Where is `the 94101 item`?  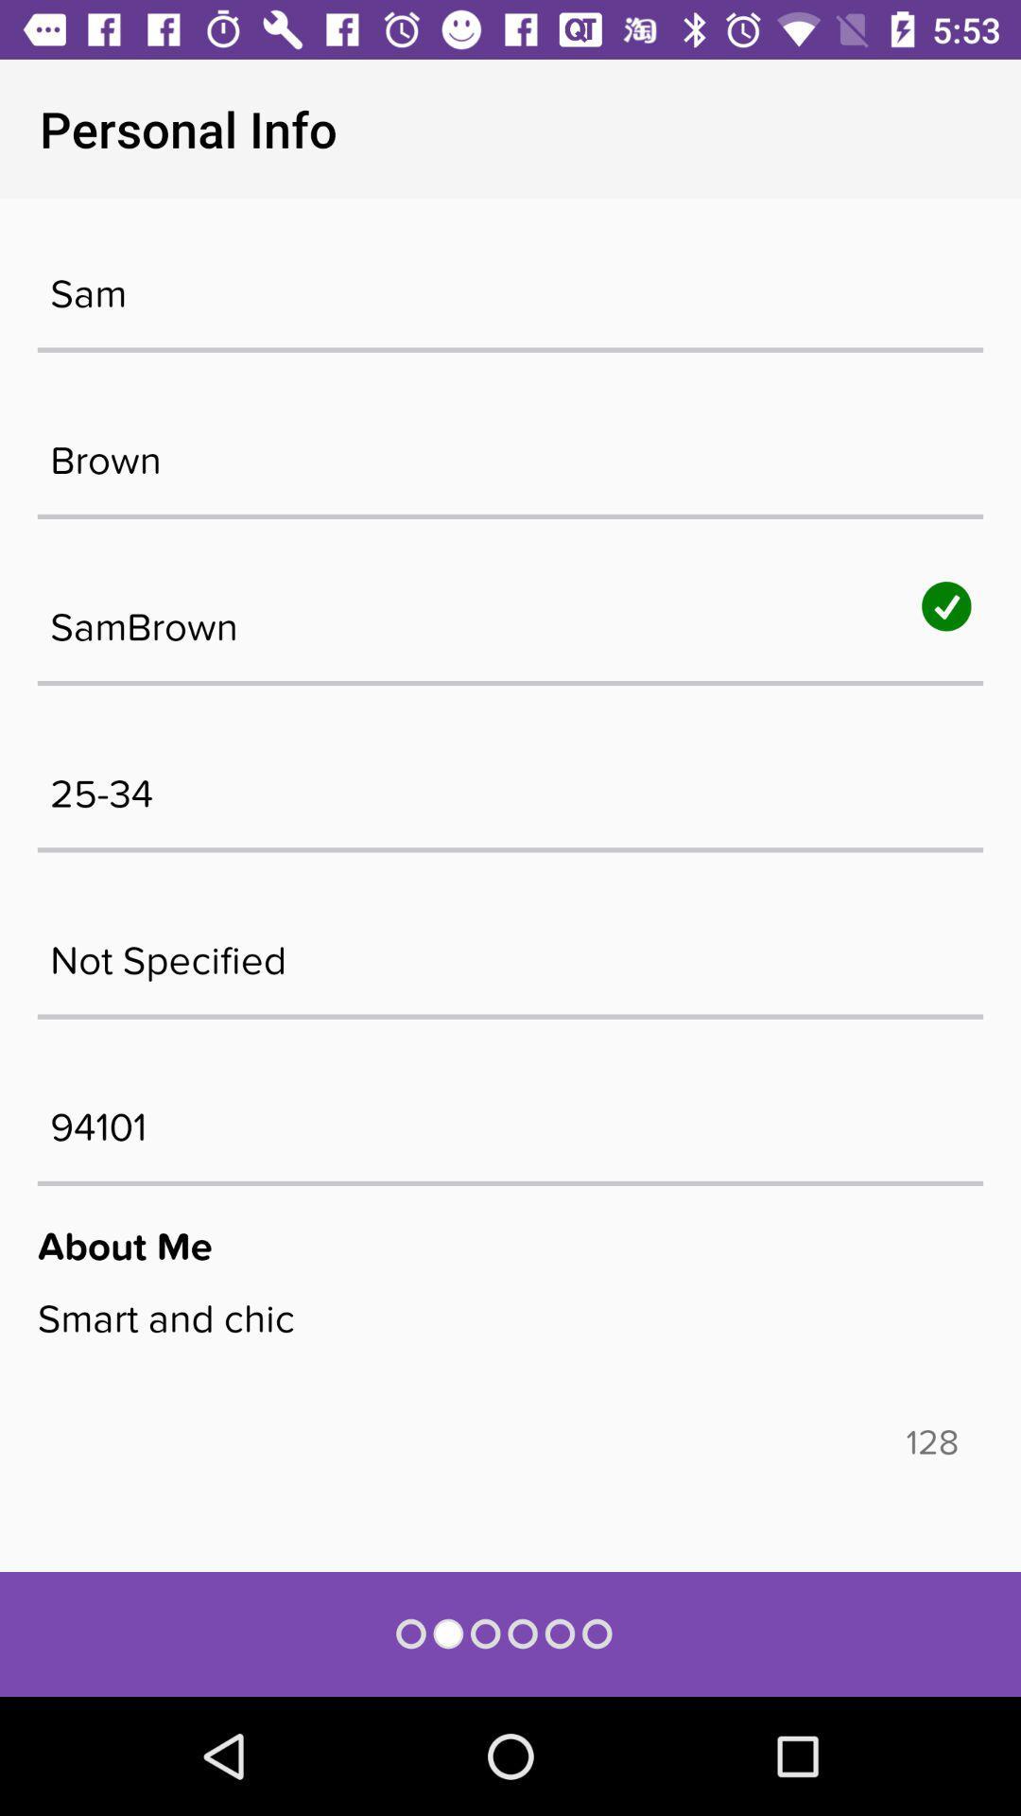 the 94101 item is located at coordinates (510, 1117).